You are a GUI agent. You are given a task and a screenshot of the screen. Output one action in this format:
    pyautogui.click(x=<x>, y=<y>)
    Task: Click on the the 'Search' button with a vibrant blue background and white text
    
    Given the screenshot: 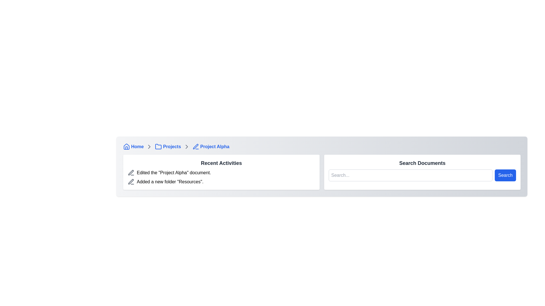 What is the action you would take?
    pyautogui.click(x=505, y=175)
    